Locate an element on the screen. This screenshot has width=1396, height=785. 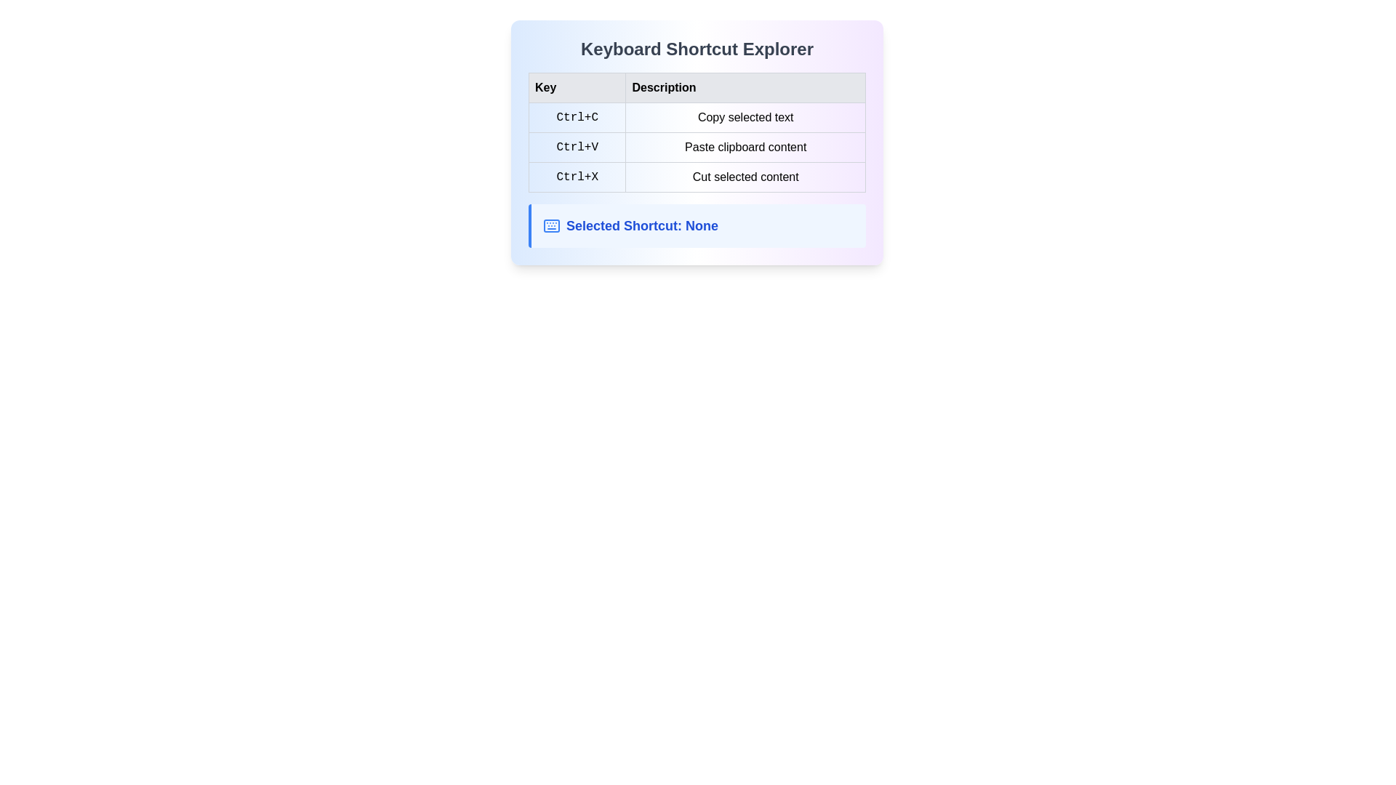
the static text display of the keyboard shortcut 'Ctrl+V' located in the second row of the table under the 'Key' column is located at coordinates (577, 148).